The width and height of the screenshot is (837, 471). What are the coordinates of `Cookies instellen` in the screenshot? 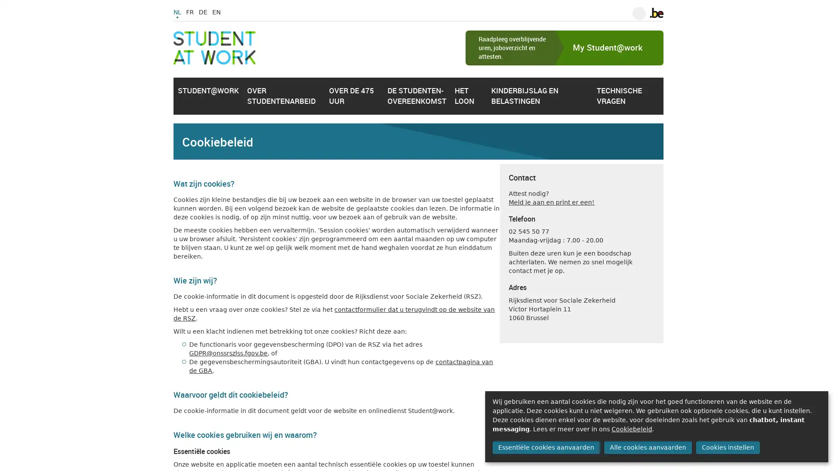 It's located at (728, 447).